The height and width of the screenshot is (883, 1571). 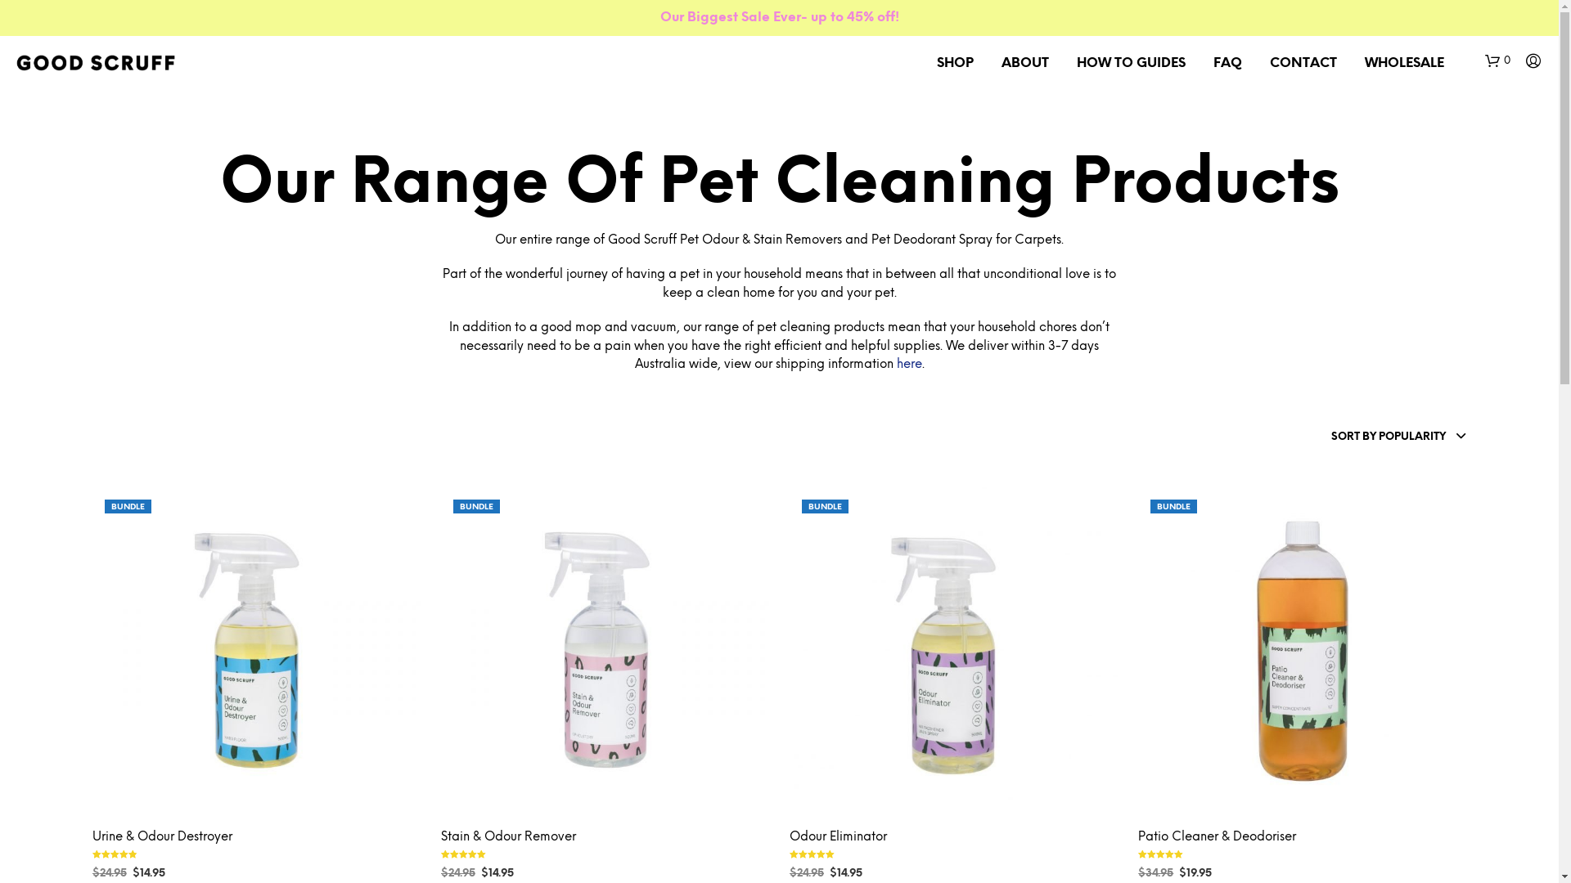 I want to click on 'HOW TO GUIDES', so click(x=1130, y=62).